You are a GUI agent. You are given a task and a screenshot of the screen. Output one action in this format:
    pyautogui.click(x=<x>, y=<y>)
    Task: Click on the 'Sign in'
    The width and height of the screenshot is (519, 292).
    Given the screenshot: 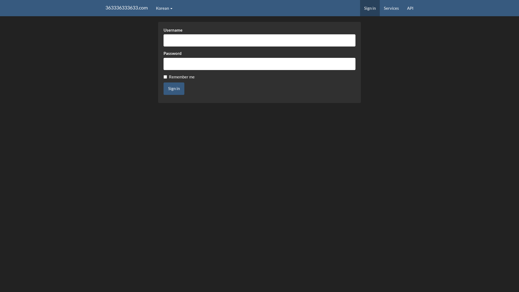 What is the action you would take?
    pyautogui.click(x=360, y=8)
    